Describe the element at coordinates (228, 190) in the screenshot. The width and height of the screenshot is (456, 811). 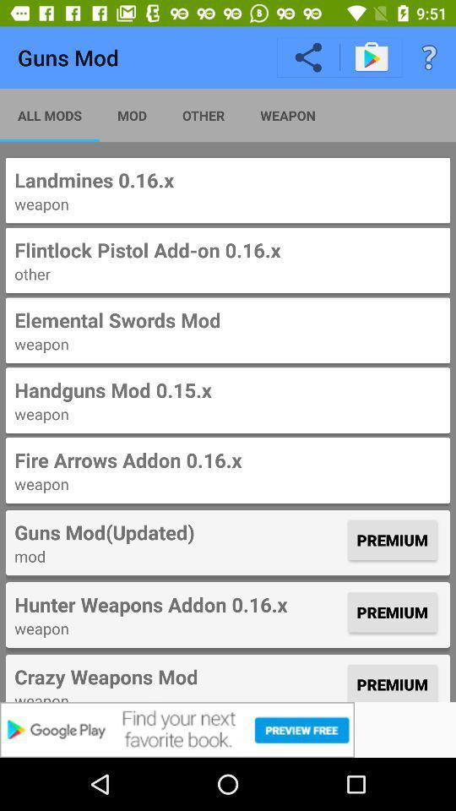
I see `the field landmines 016x` at that location.